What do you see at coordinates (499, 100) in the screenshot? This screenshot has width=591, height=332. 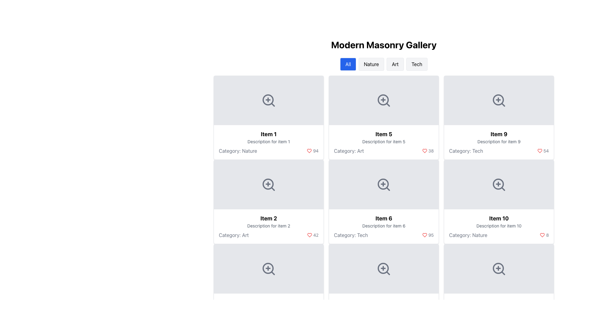 I see `the magnifying glass icon with a plus sign in the center, located in the top section of the card labeled 'Item 9', which is in the third column of the third row in the grid layout` at bounding box center [499, 100].